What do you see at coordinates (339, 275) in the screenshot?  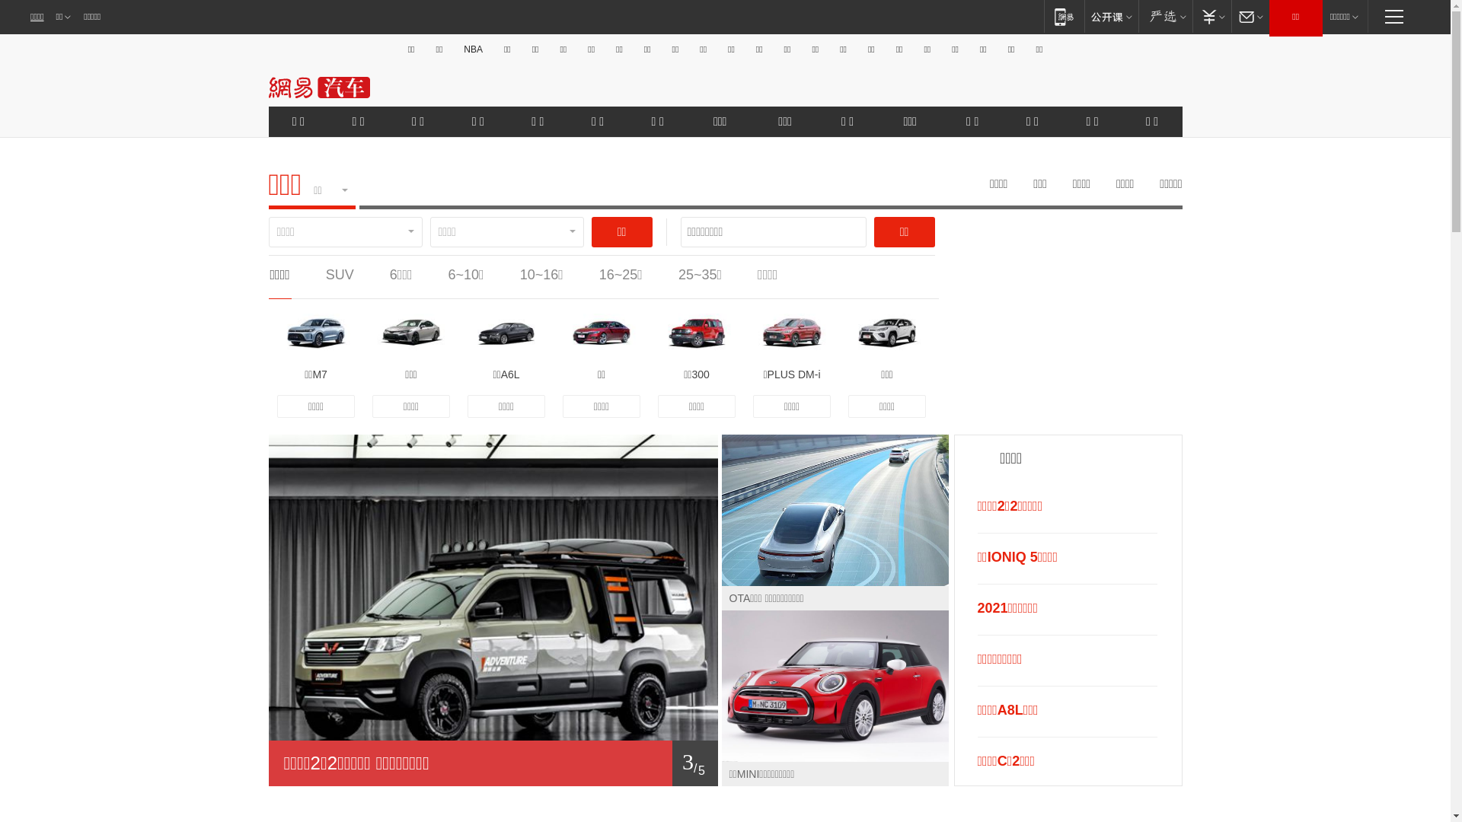 I see `'SUV'` at bounding box center [339, 275].